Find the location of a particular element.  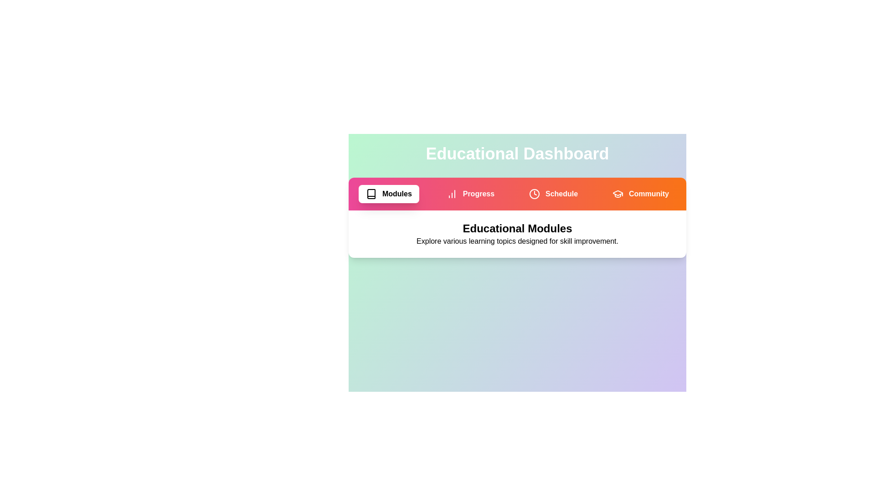

the 'Schedule' text label within the navigation bar is located at coordinates (561, 193).